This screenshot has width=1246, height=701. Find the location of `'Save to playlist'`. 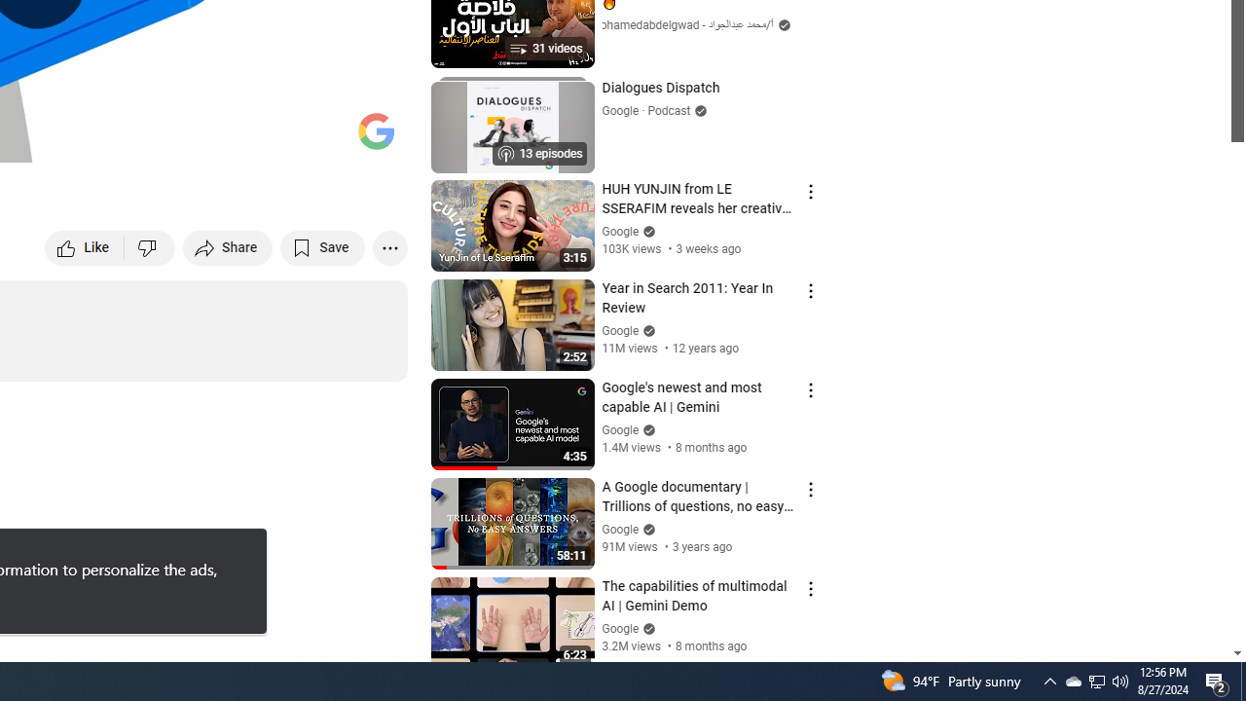

'Save to playlist' is located at coordinates (322, 246).